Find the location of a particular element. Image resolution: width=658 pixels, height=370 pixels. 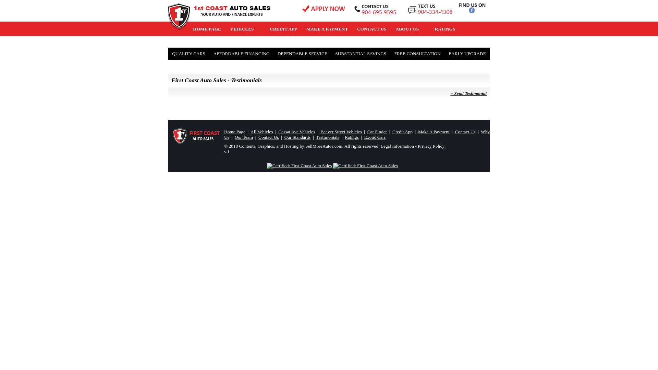

'Contact Us' is located at coordinates (268, 137).